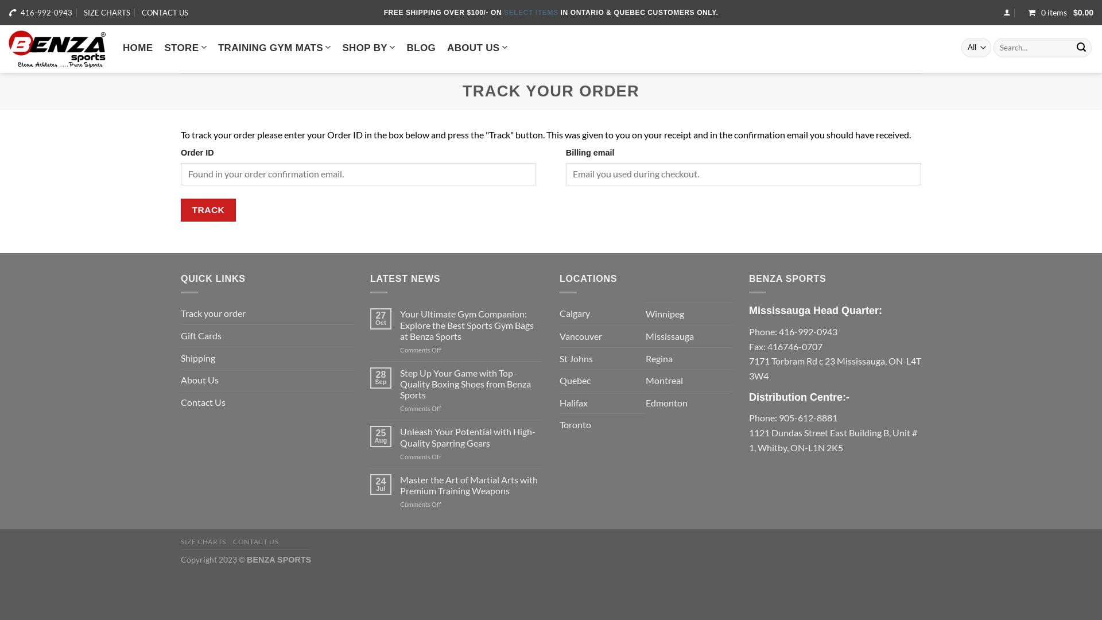 The height and width of the screenshot is (620, 1102). I want to click on 'ABOUT US', so click(446, 46).